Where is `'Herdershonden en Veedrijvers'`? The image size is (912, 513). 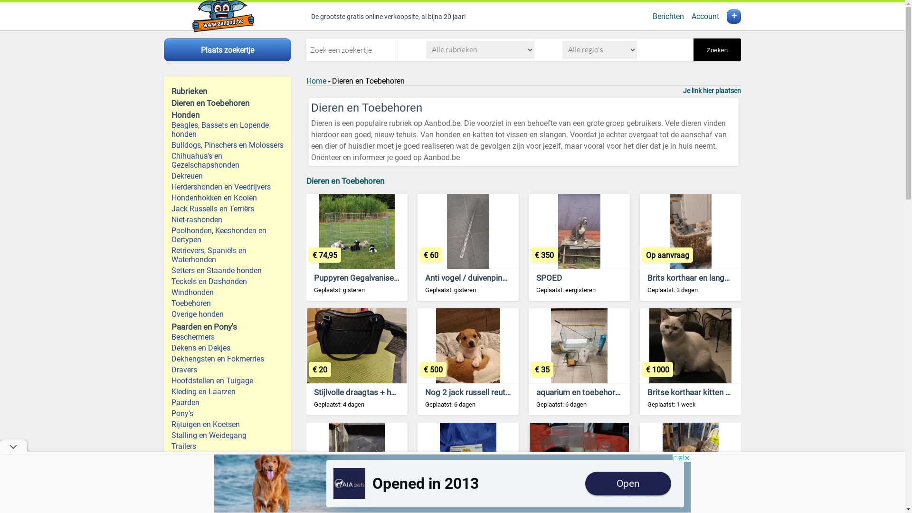 'Herdershonden en Veedrijvers' is located at coordinates (227, 187).